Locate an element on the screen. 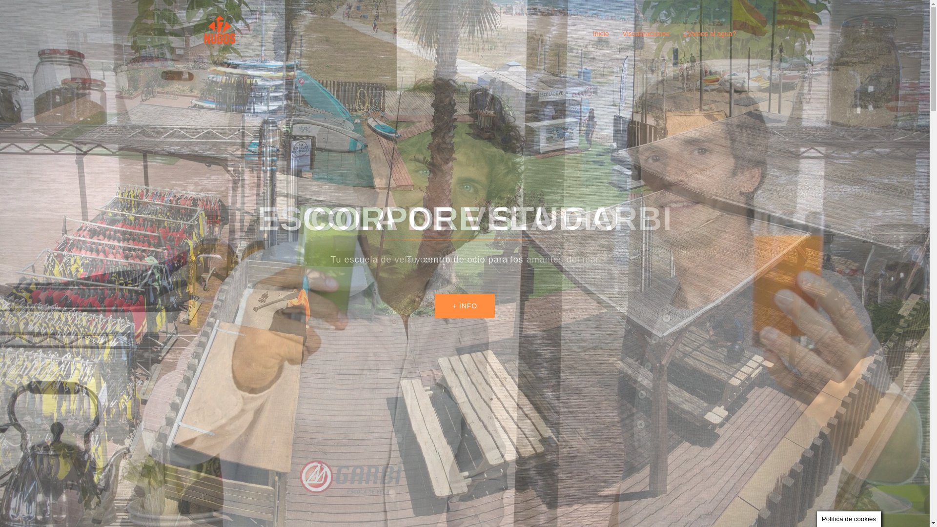  'Visualizaciones' is located at coordinates (622, 33).